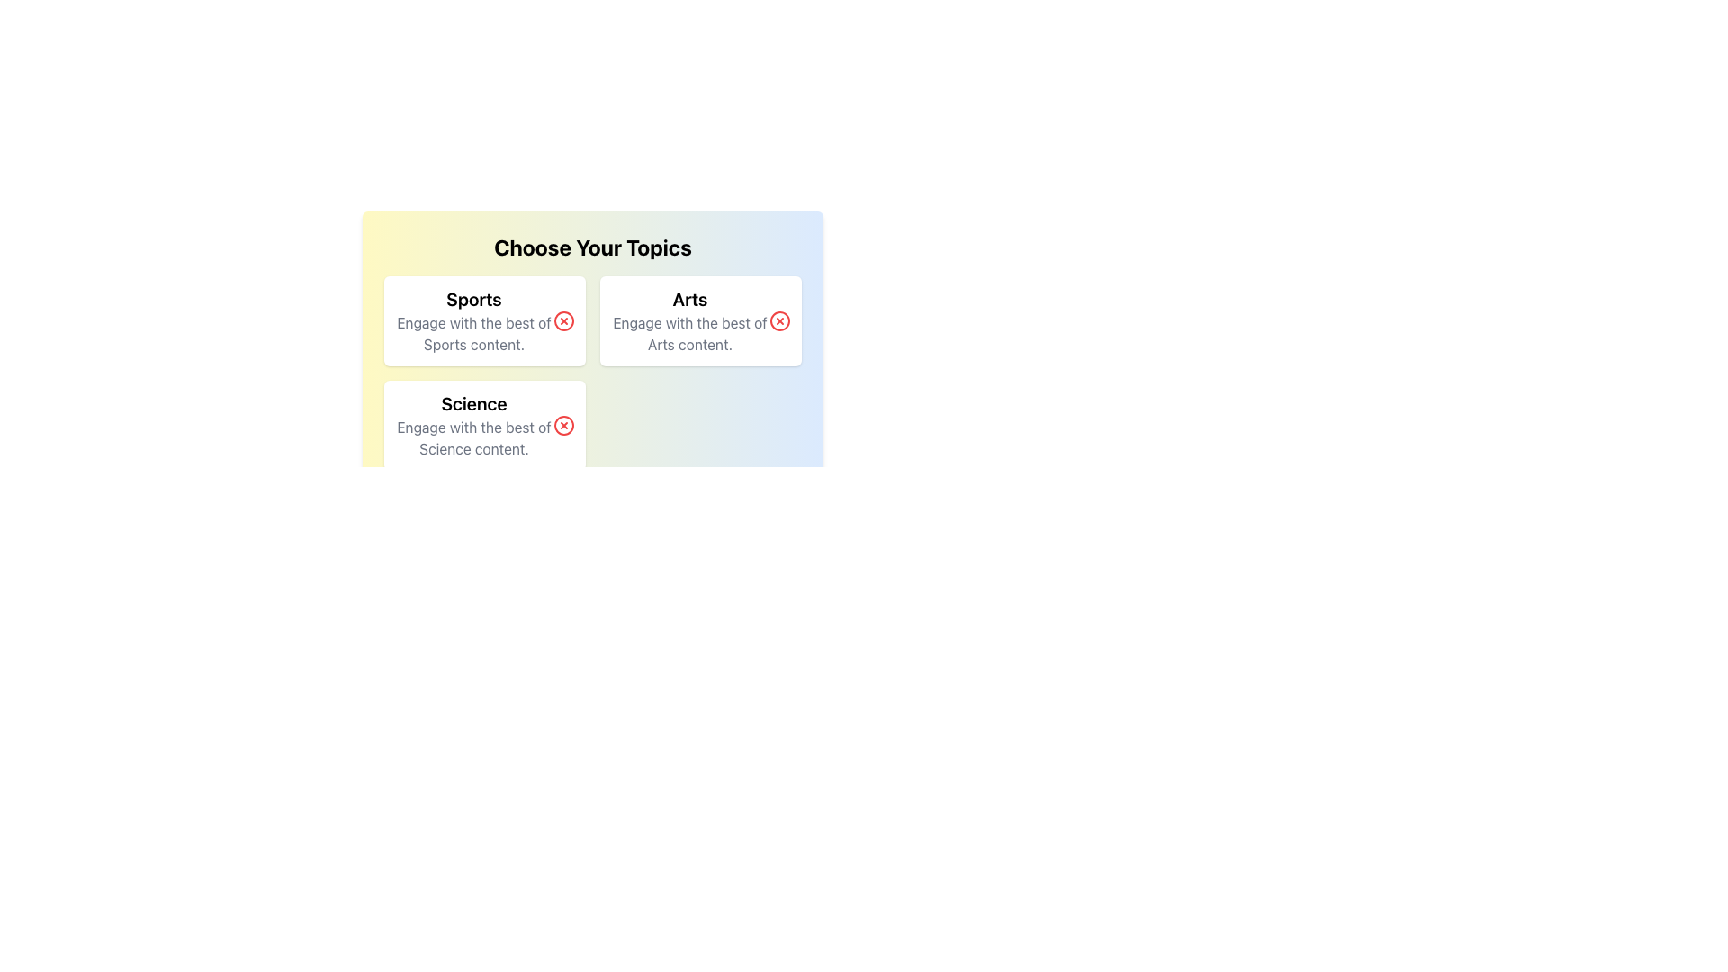  What do you see at coordinates (689, 333) in the screenshot?
I see `the text element styled in gray that reads 'Engage with the best of Arts content.', located beneath the title 'Arts' in the right column of the layout` at bounding box center [689, 333].